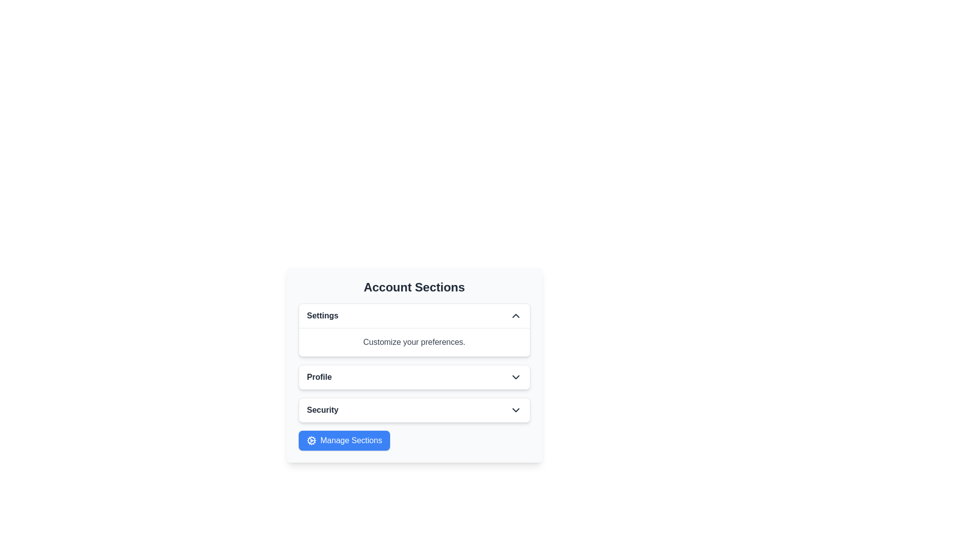  I want to click on text displayed in the text label that says 'Customize your preferences.' which is centrally located beneath the 'Settings' title in the 'Account Sections' menu, so click(414, 341).